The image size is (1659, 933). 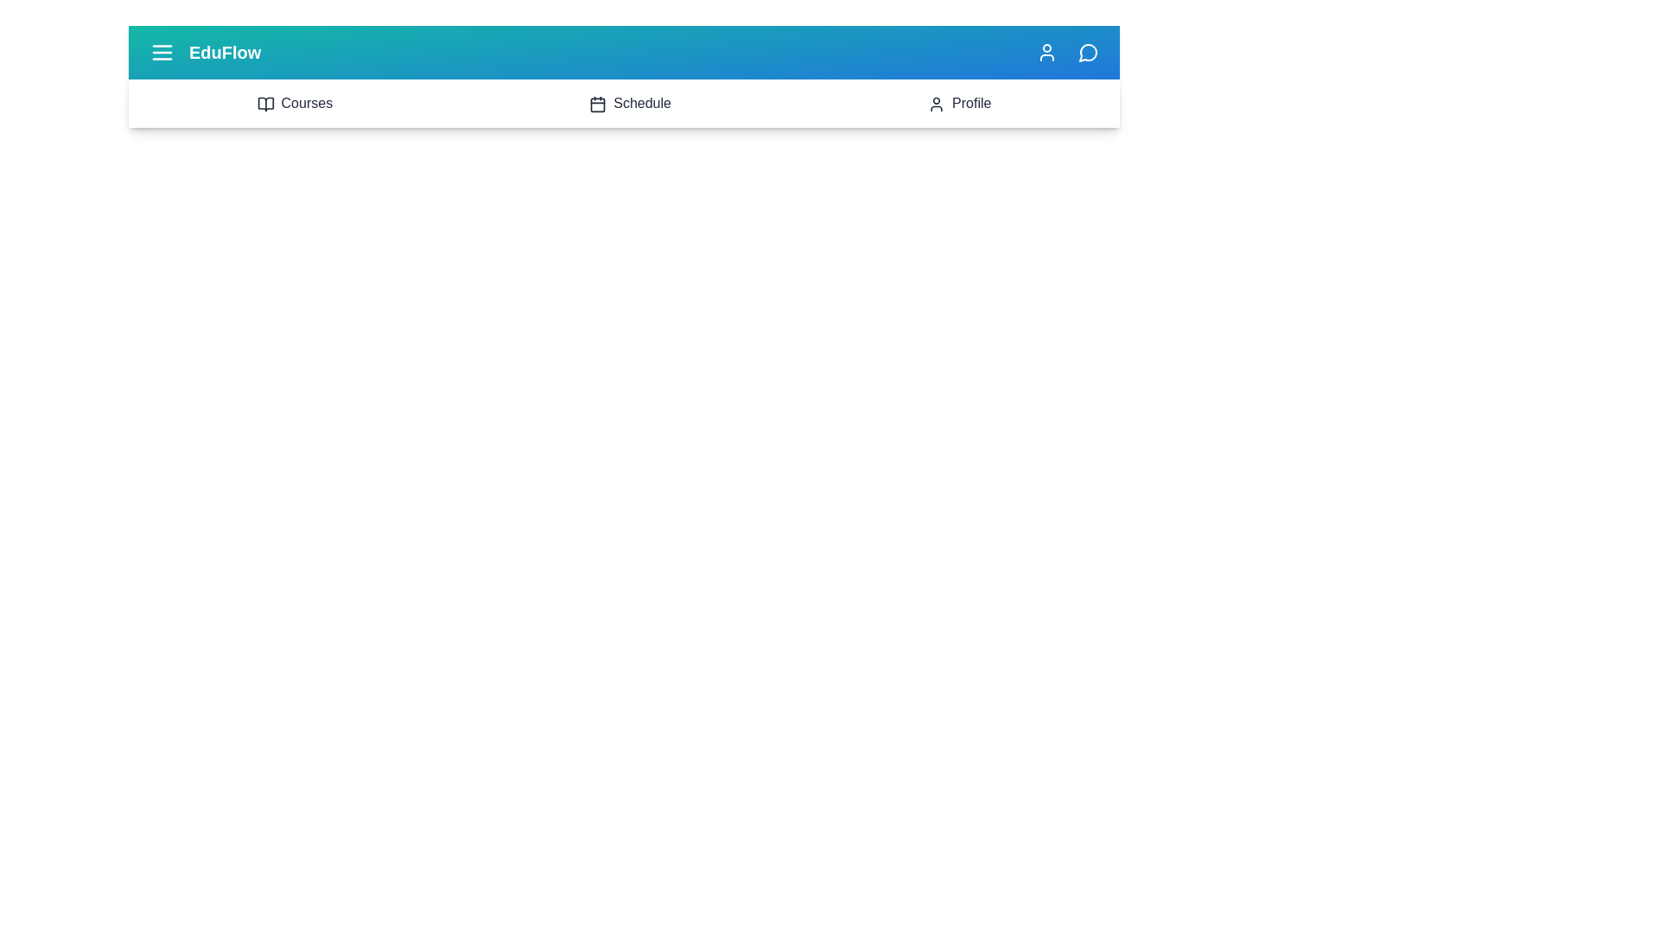 What do you see at coordinates (295, 103) in the screenshot?
I see `the 'Courses' section to navigate to it` at bounding box center [295, 103].